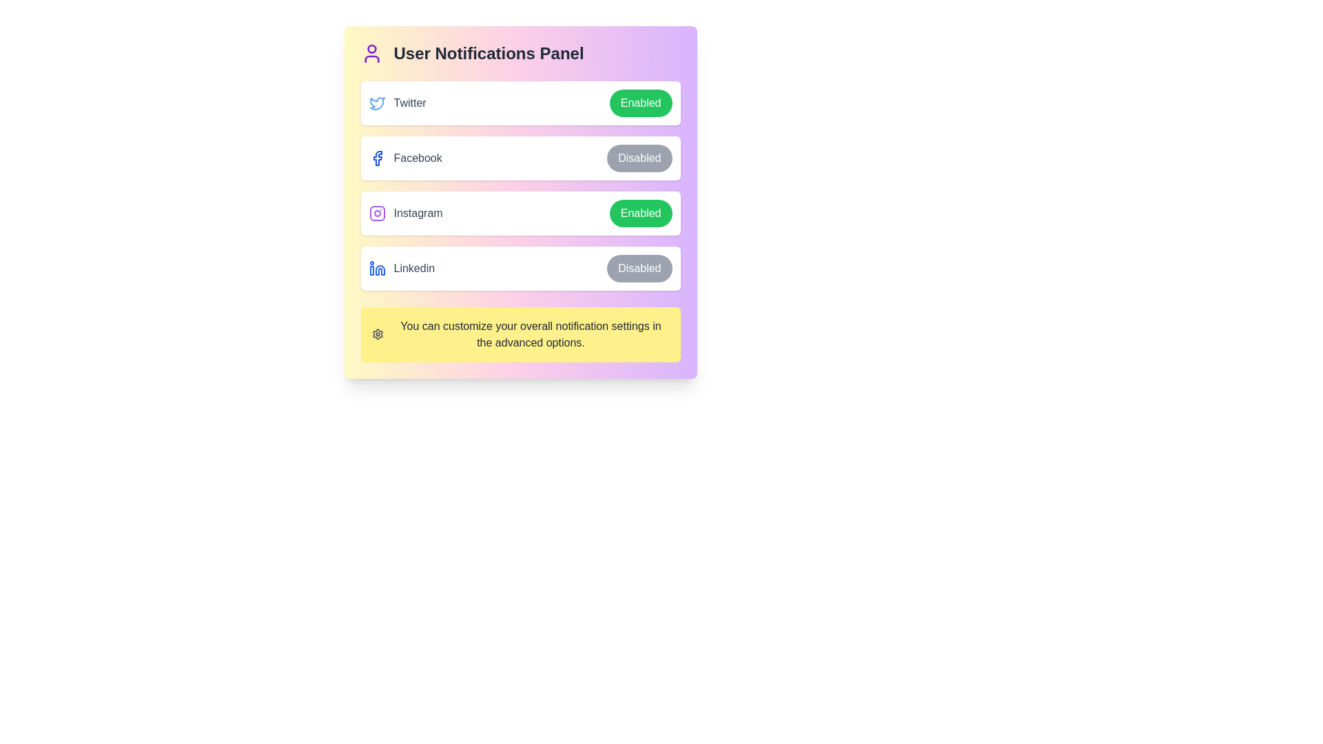  I want to click on keyboard navigation, so click(639, 268).